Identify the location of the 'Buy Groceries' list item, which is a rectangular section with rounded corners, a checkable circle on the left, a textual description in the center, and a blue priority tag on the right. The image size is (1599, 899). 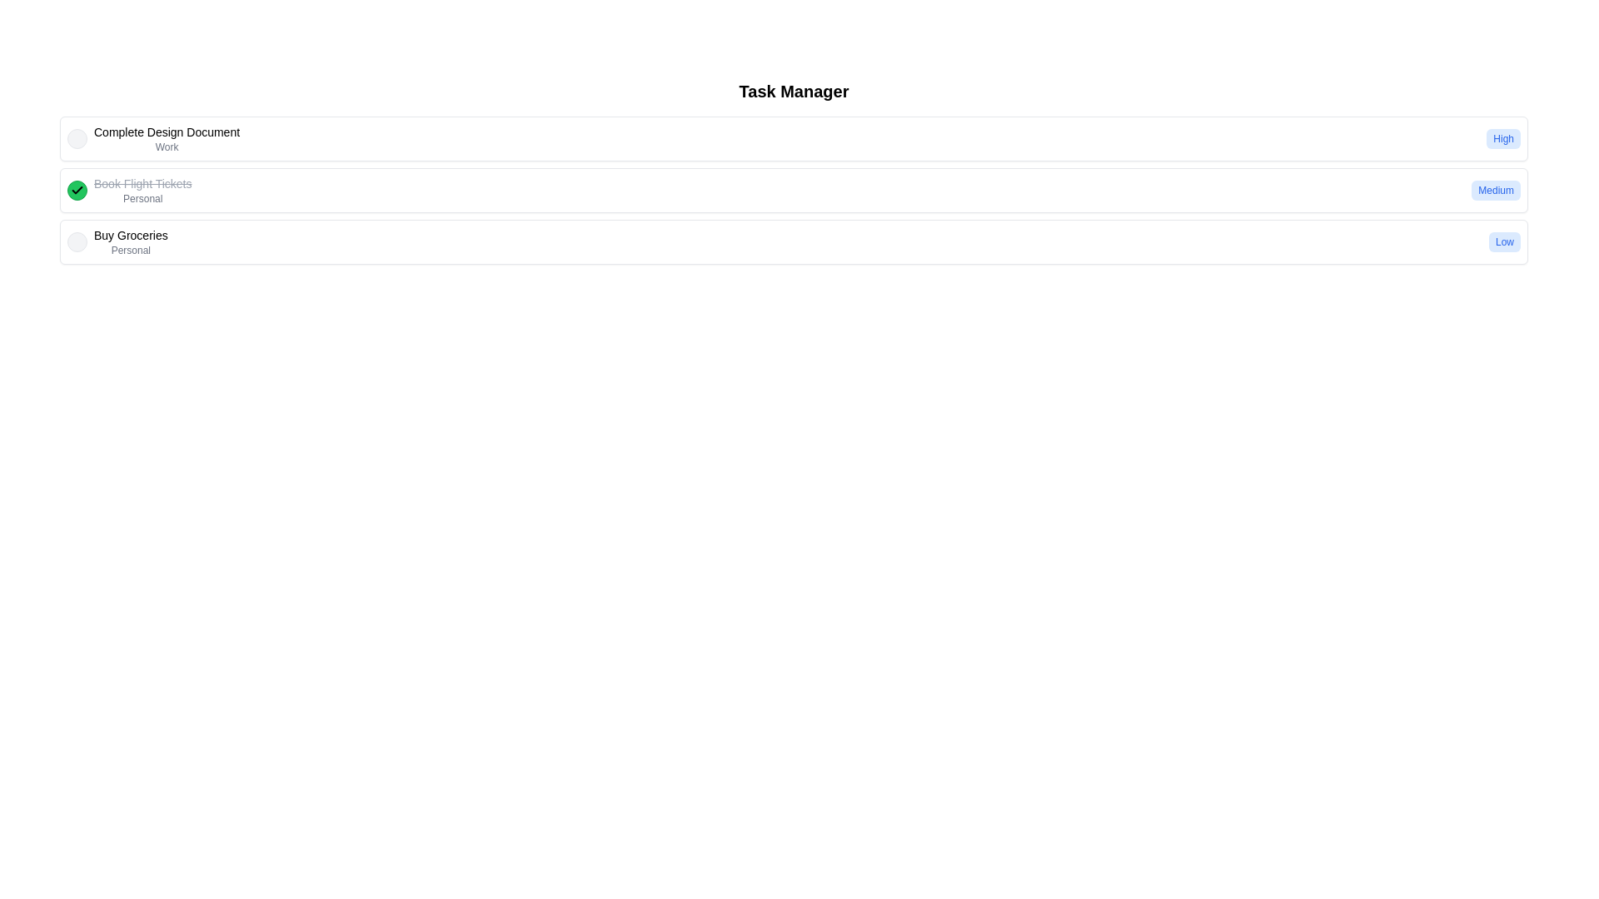
(793, 241).